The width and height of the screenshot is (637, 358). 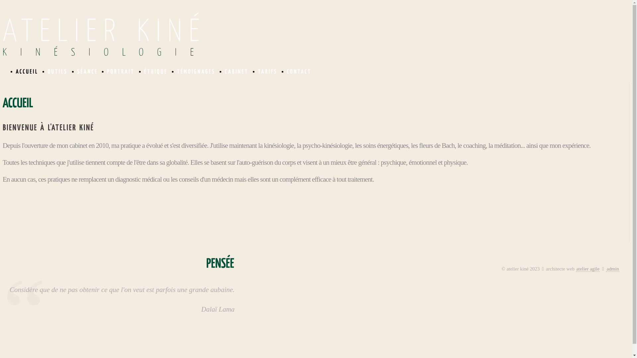 I want to click on 'atelier agile', so click(x=588, y=269).